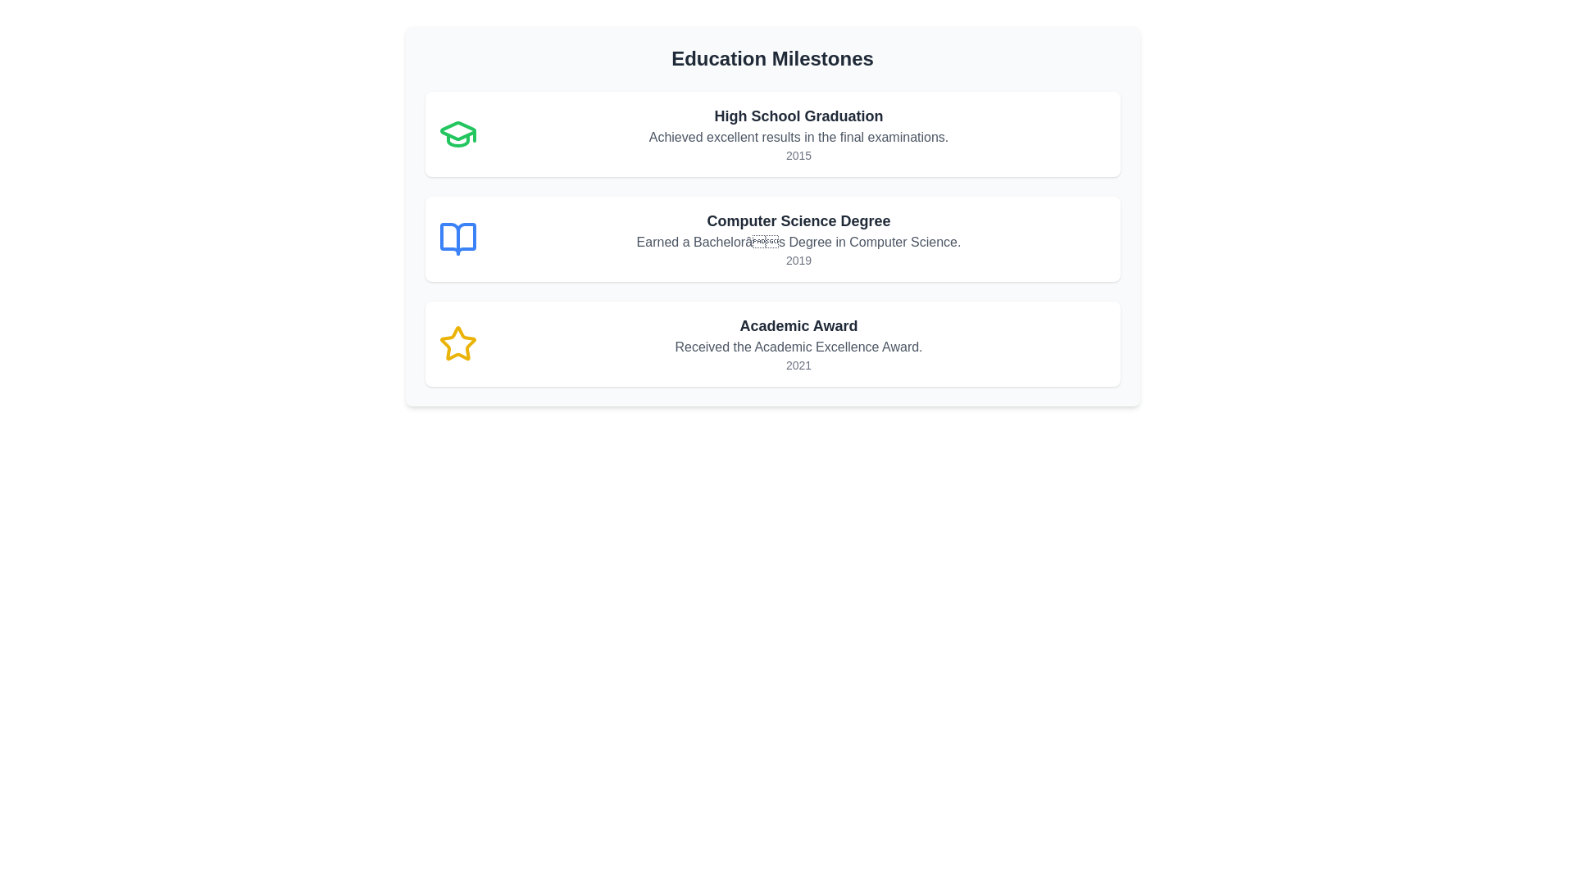 This screenshot has width=1574, height=885. I want to click on the 'Academic Award' text block to emphasize the text, which includes a bold title, a descriptive sentence, and a year, positioned in the third entry of the 'Education Milestones' list, so click(798, 343).